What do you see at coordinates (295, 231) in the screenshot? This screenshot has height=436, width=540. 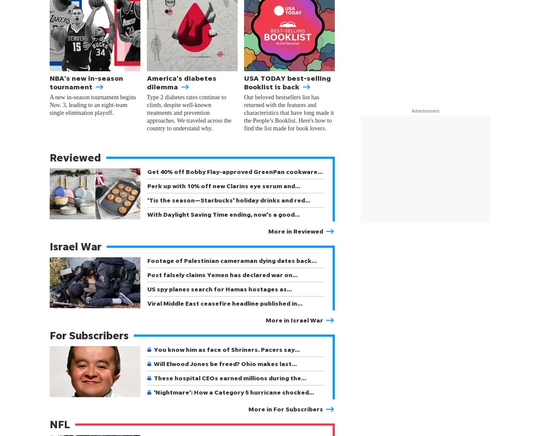 I see `'More in Reviewed'` at bounding box center [295, 231].